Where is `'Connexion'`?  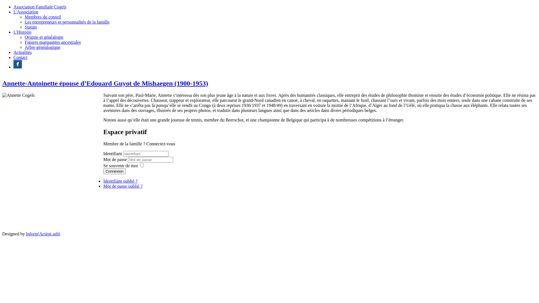
'Connexion' is located at coordinates (103, 171).